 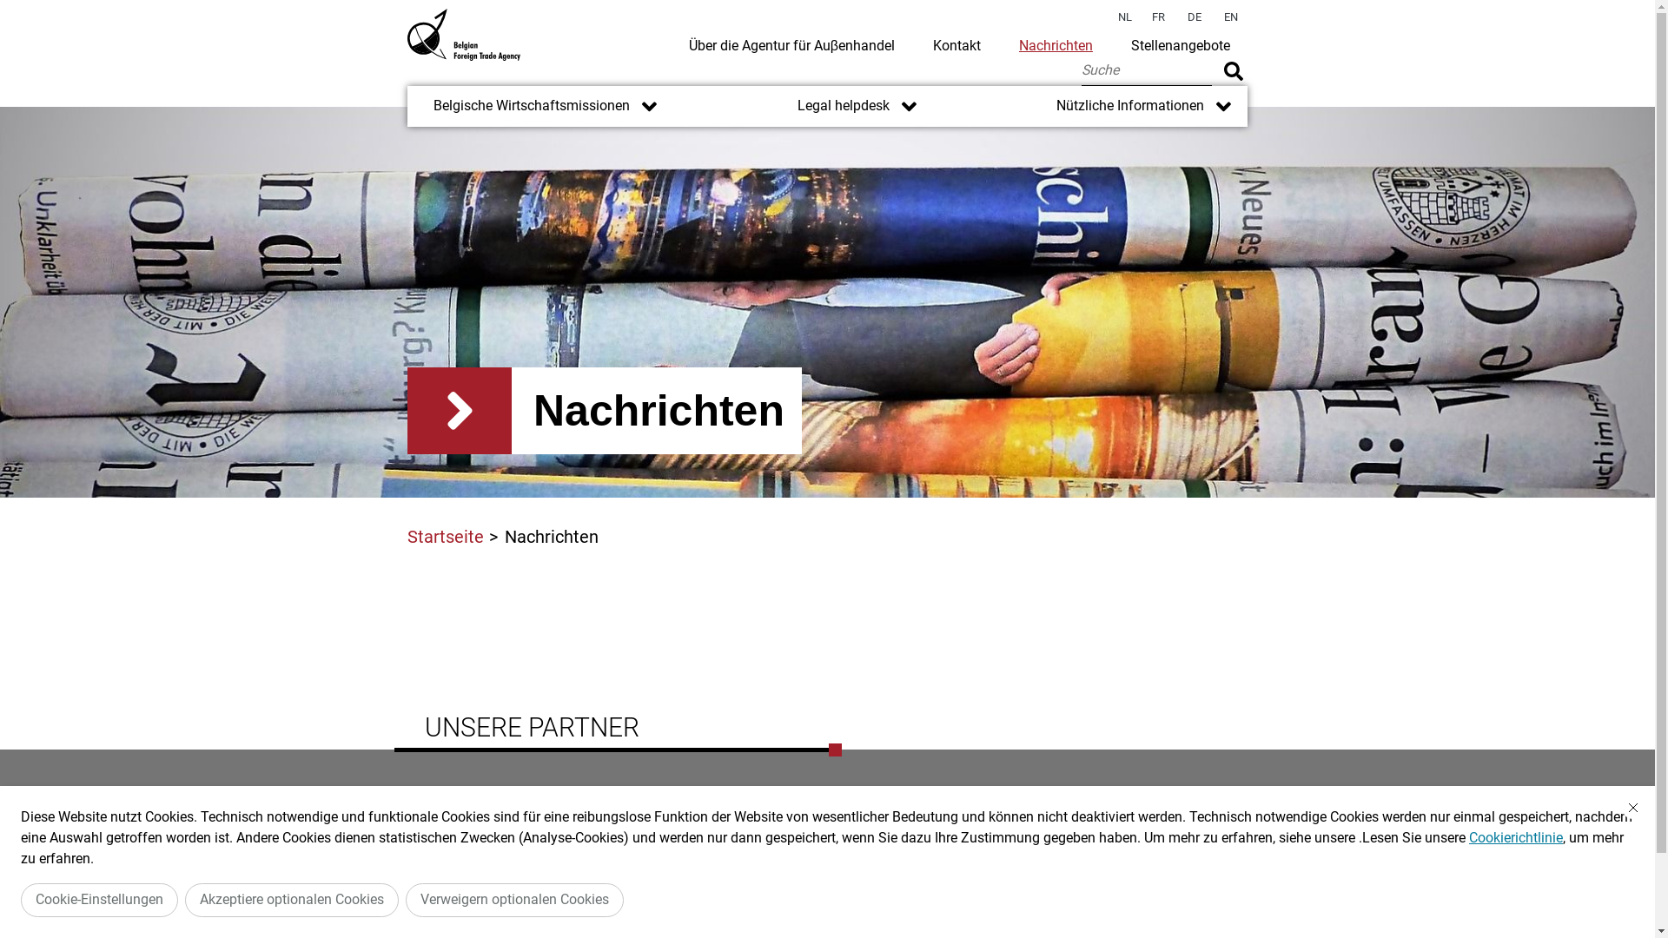 What do you see at coordinates (21, 899) in the screenshot?
I see `'Cookie-Einstellungen'` at bounding box center [21, 899].